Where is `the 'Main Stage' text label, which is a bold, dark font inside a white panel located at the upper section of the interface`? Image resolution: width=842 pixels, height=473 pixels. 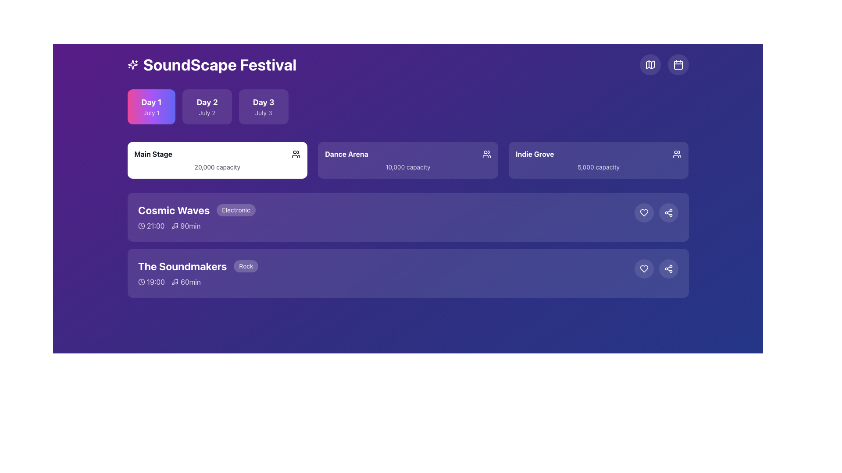 the 'Main Stage' text label, which is a bold, dark font inside a white panel located at the upper section of the interface is located at coordinates (153, 153).